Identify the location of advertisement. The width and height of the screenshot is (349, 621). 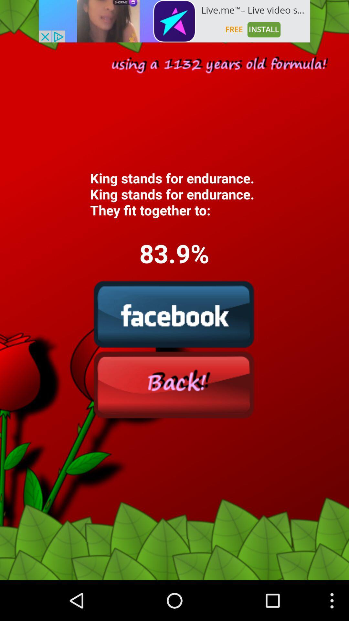
(174, 21).